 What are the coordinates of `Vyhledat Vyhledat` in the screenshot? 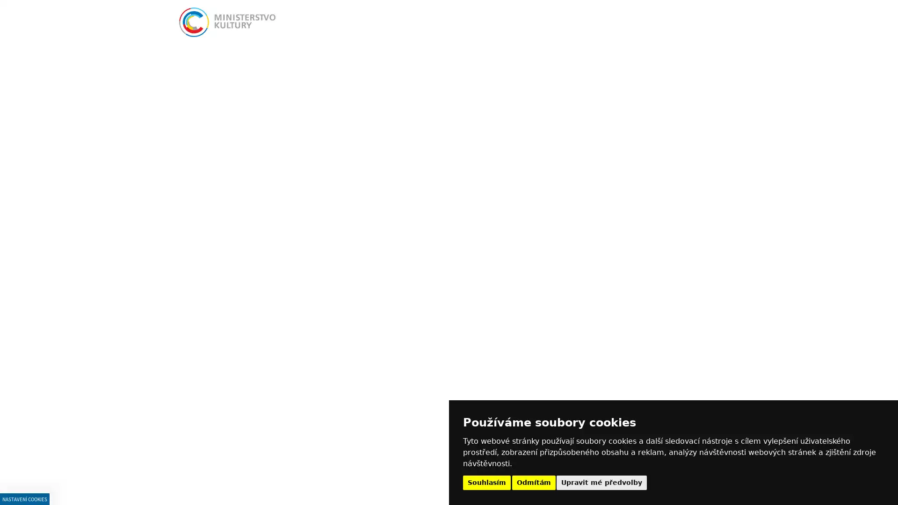 It's located at (664, 22).